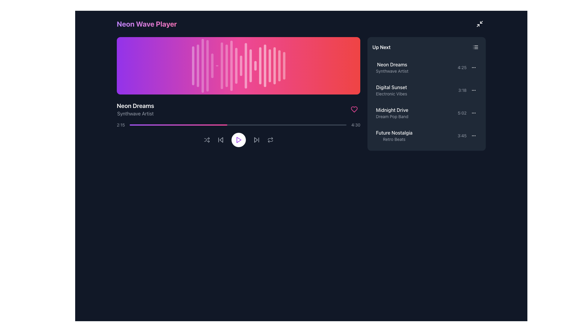 Image resolution: width=575 pixels, height=323 pixels. Describe the element at coordinates (392, 67) in the screenshot. I see `the text content displaying the song title 'Neon Dreams' by 'Synthwave Artist' in the 'Up Next' section of the right-side panel` at that location.